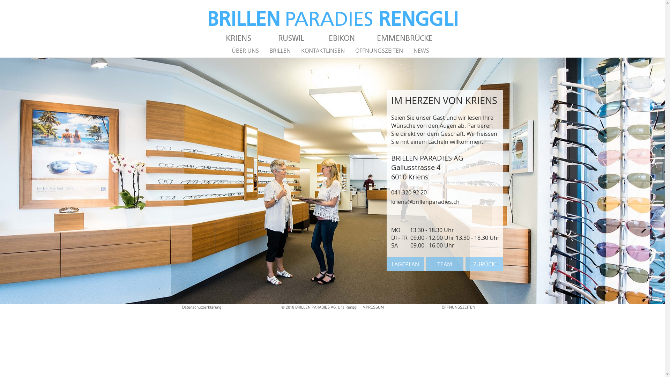  I want to click on 'RUSWIL', so click(277, 38).